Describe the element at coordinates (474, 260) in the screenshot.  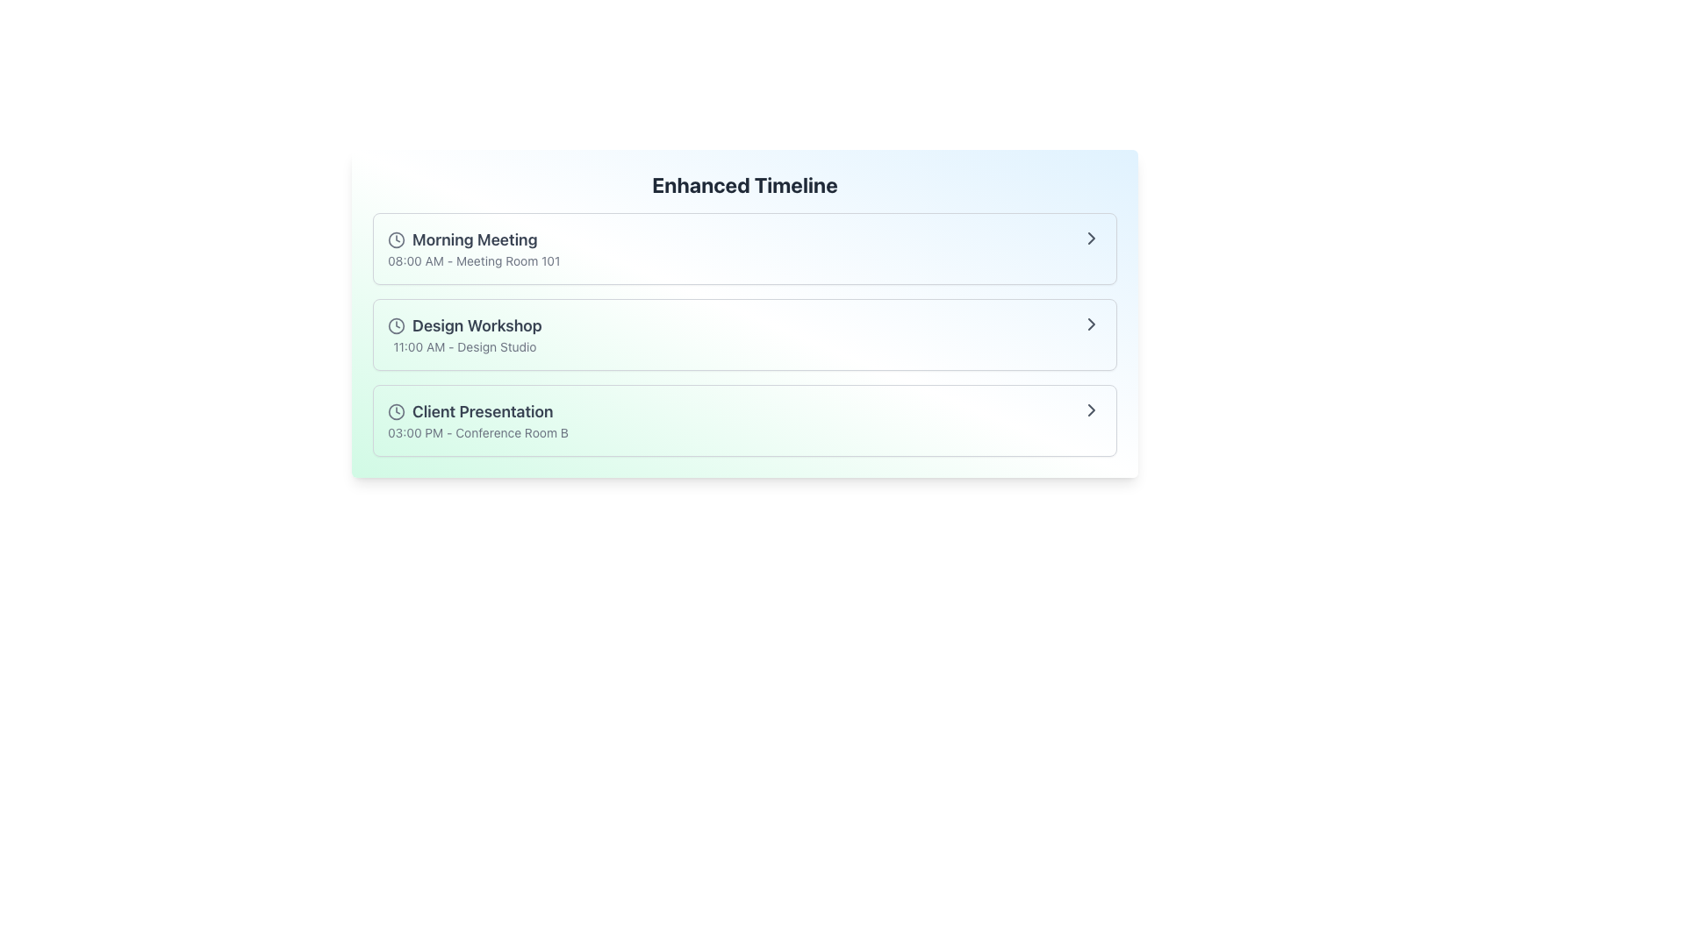
I see `the descriptive subtitle text label for the 'Morning Meeting' event, located directly below the section's title` at that location.